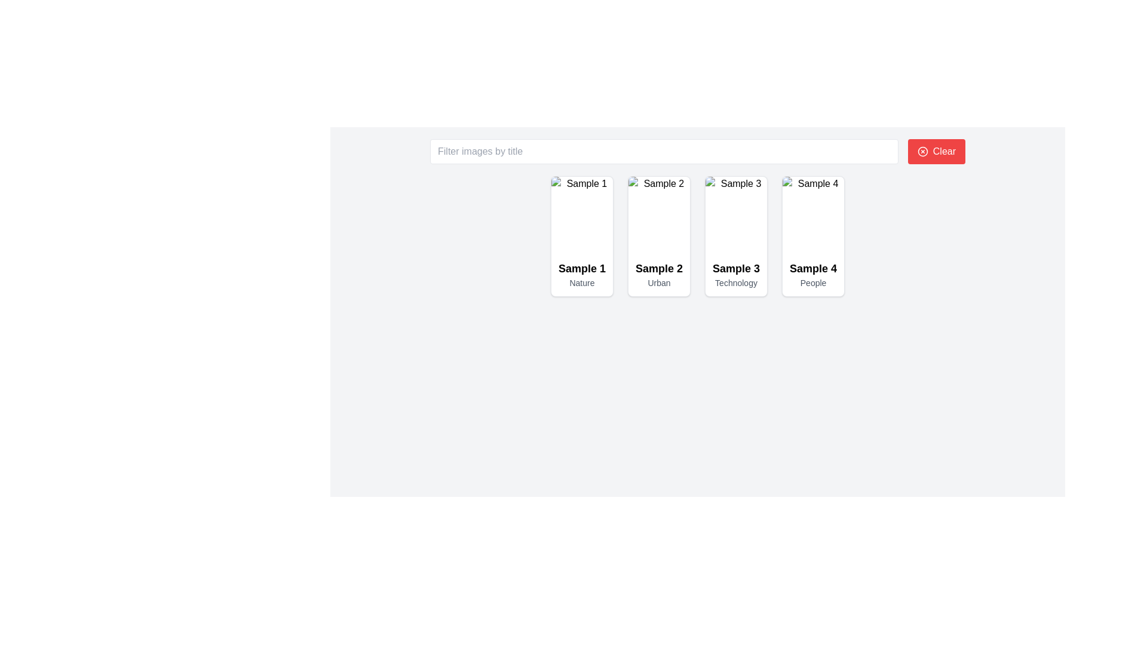 This screenshot has height=645, width=1147. Describe the element at coordinates (812, 236) in the screenshot. I see `the fourth card in the grid layout, which features a white background, rounded corners, and contains the title 'Sample 4' and subtitle 'People'` at that location.